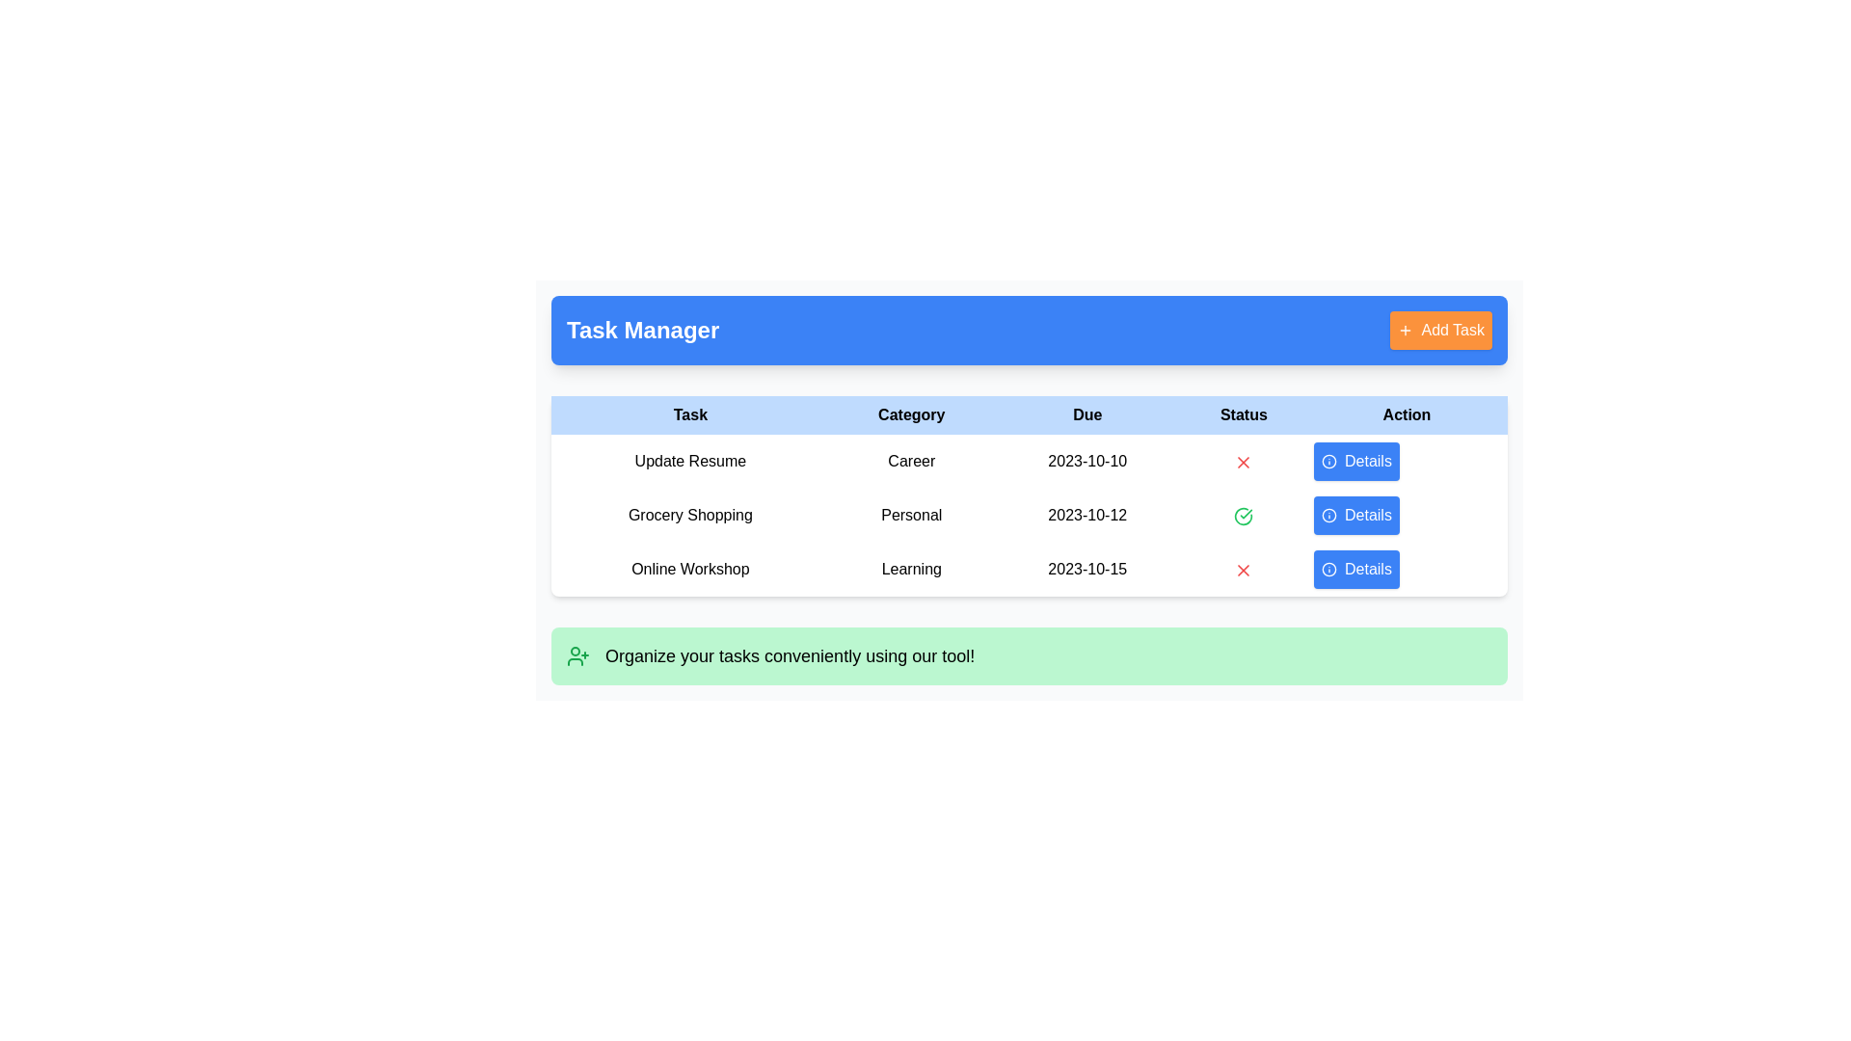 The height and width of the screenshot is (1041, 1851). What do you see at coordinates (1244, 461) in the screenshot?
I see `the status icon in the first row of the table, which indicates a failed or incomplete status, located between the 'Due' column with the date '2023-10-10' and the 'Details' button in the 'Action' column` at bounding box center [1244, 461].